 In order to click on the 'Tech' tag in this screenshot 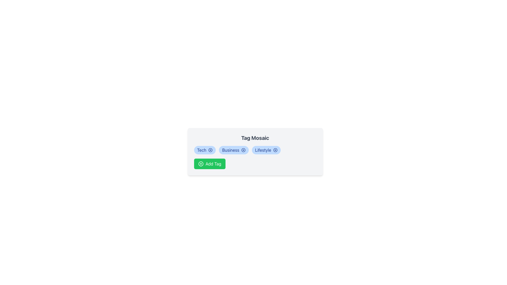, I will do `click(204, 150)`.